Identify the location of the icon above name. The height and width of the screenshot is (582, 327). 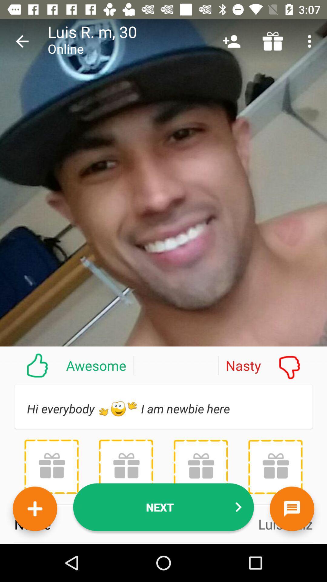
(200, 467).